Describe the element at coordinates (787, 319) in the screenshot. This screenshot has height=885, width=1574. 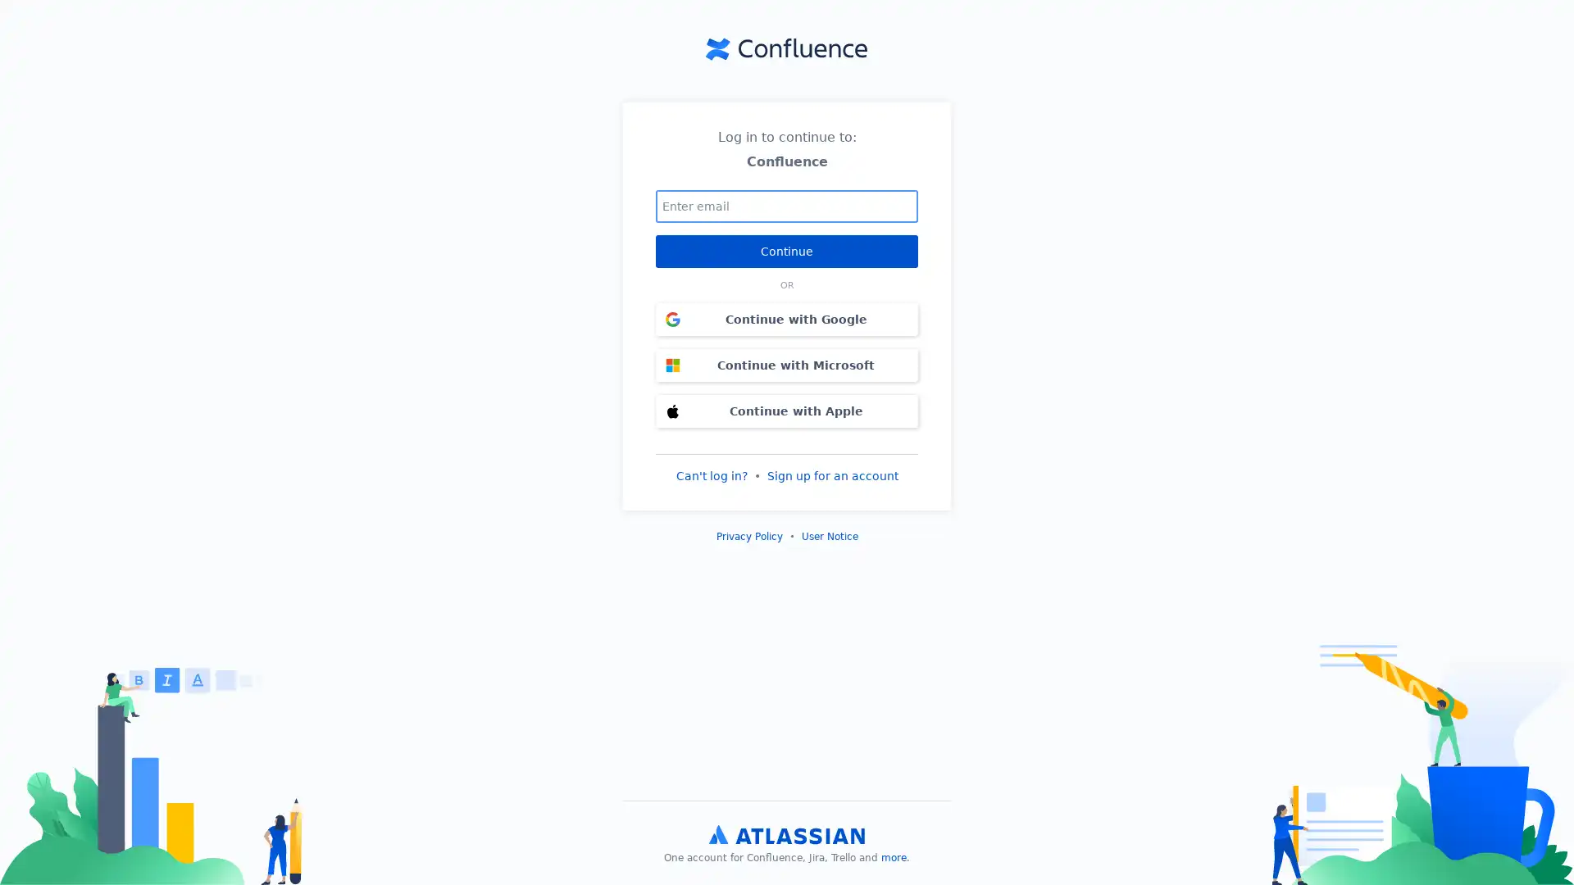
I see `Continue with Google` at that location.